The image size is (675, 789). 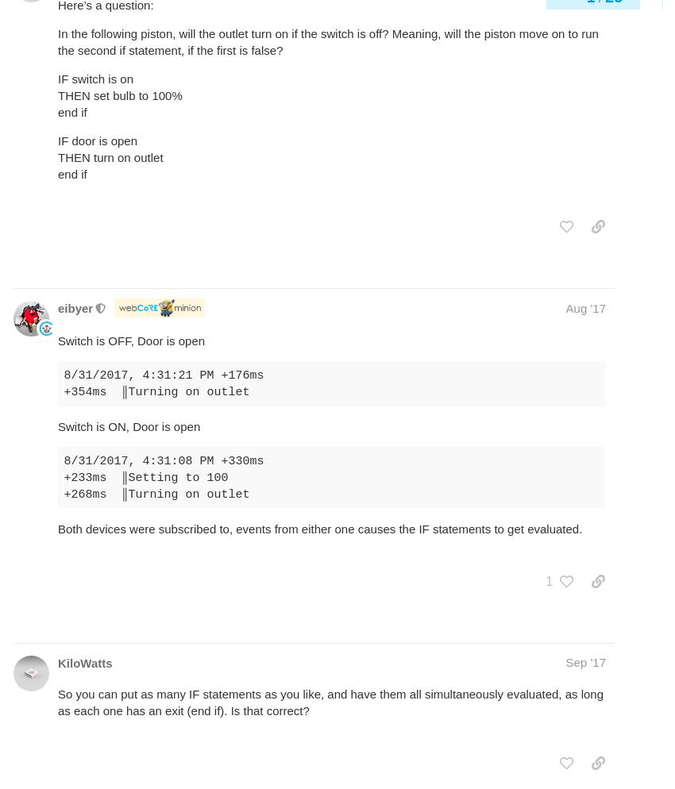 What do you see at coordinates (330, 702) in the screenshot?
I see `'So you can put as many IF statements as you like, and have them all simultaneously evaluated, as long as each one has an exit (end if).  Is that correct?'` at bounding box center [330, 702].